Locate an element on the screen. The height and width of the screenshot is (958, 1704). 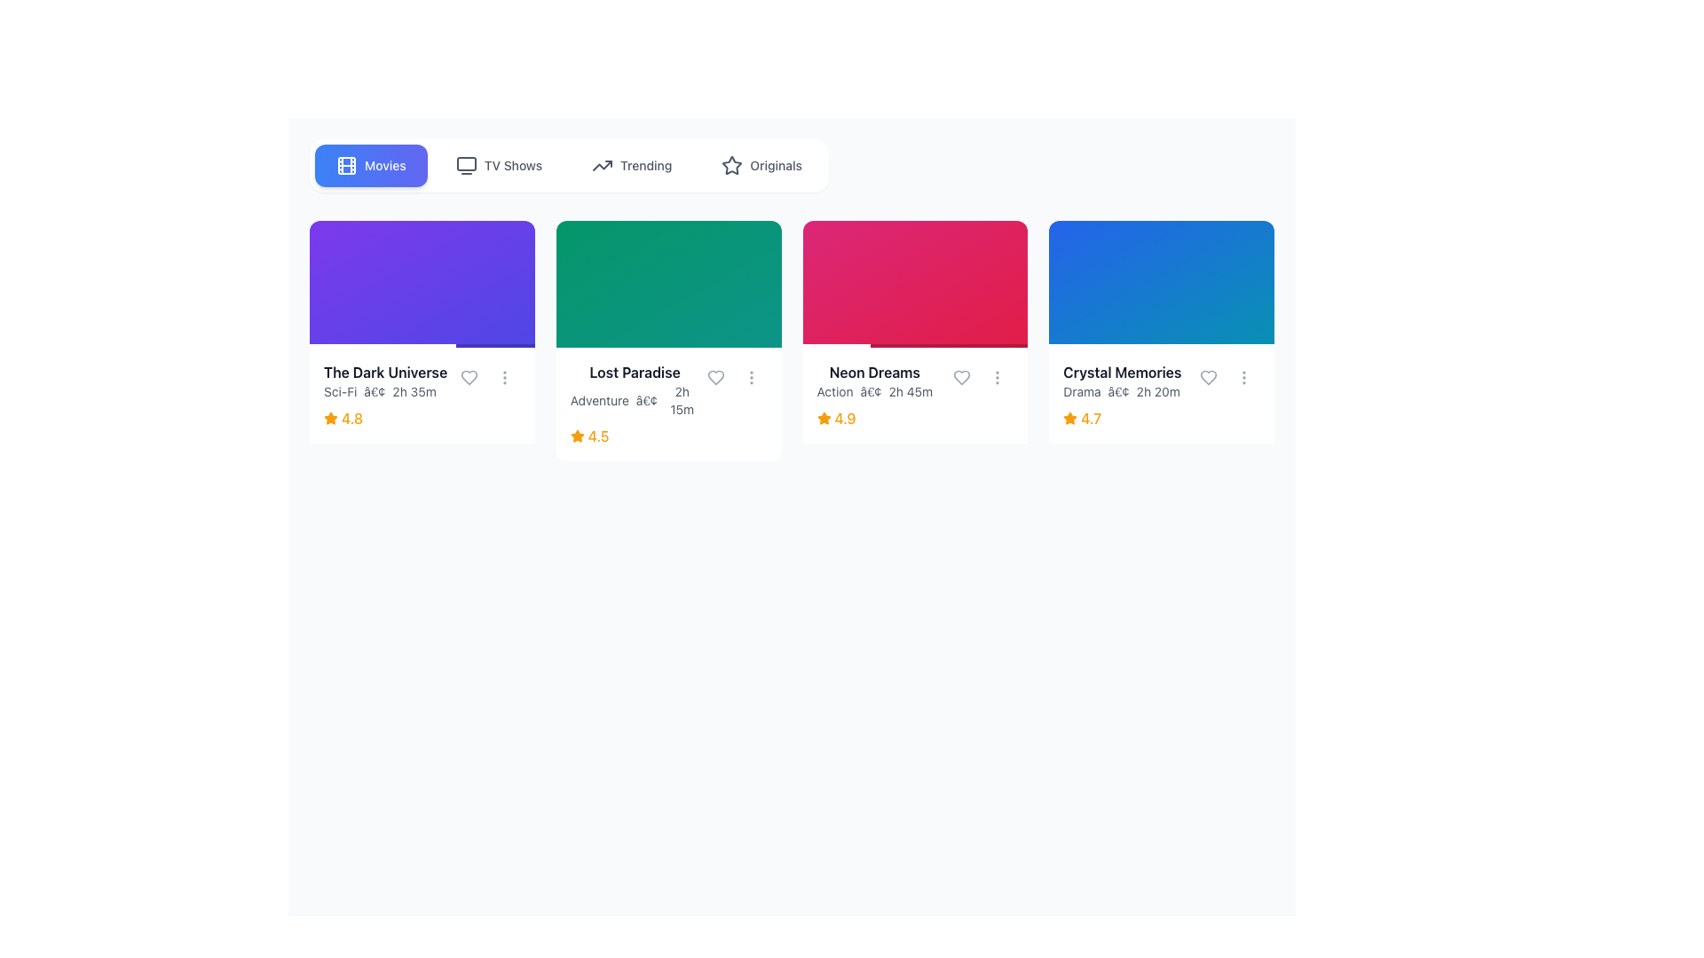
the ellipsis icon button located in the top-right corner of the 'Neon Dreams' panel, next to the heart-shaped favorite button and above the movie rating stars is located at coordinates (998, 376).